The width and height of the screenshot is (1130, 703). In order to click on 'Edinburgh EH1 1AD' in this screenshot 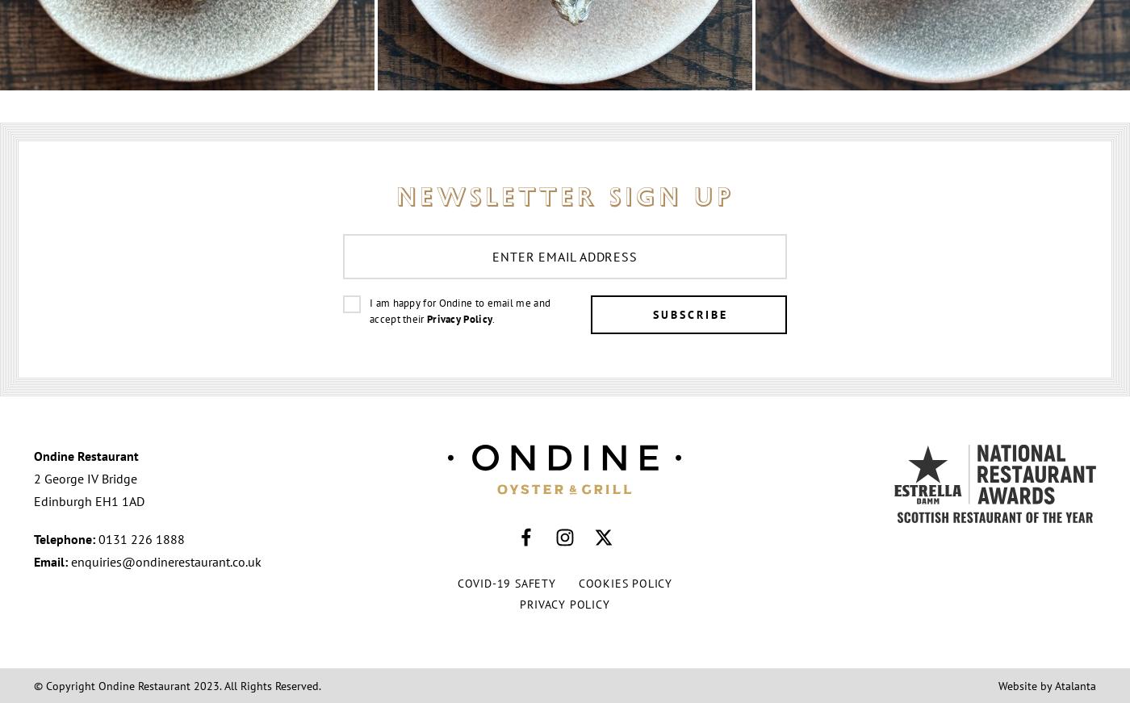, I will do `click(89, 500)`.